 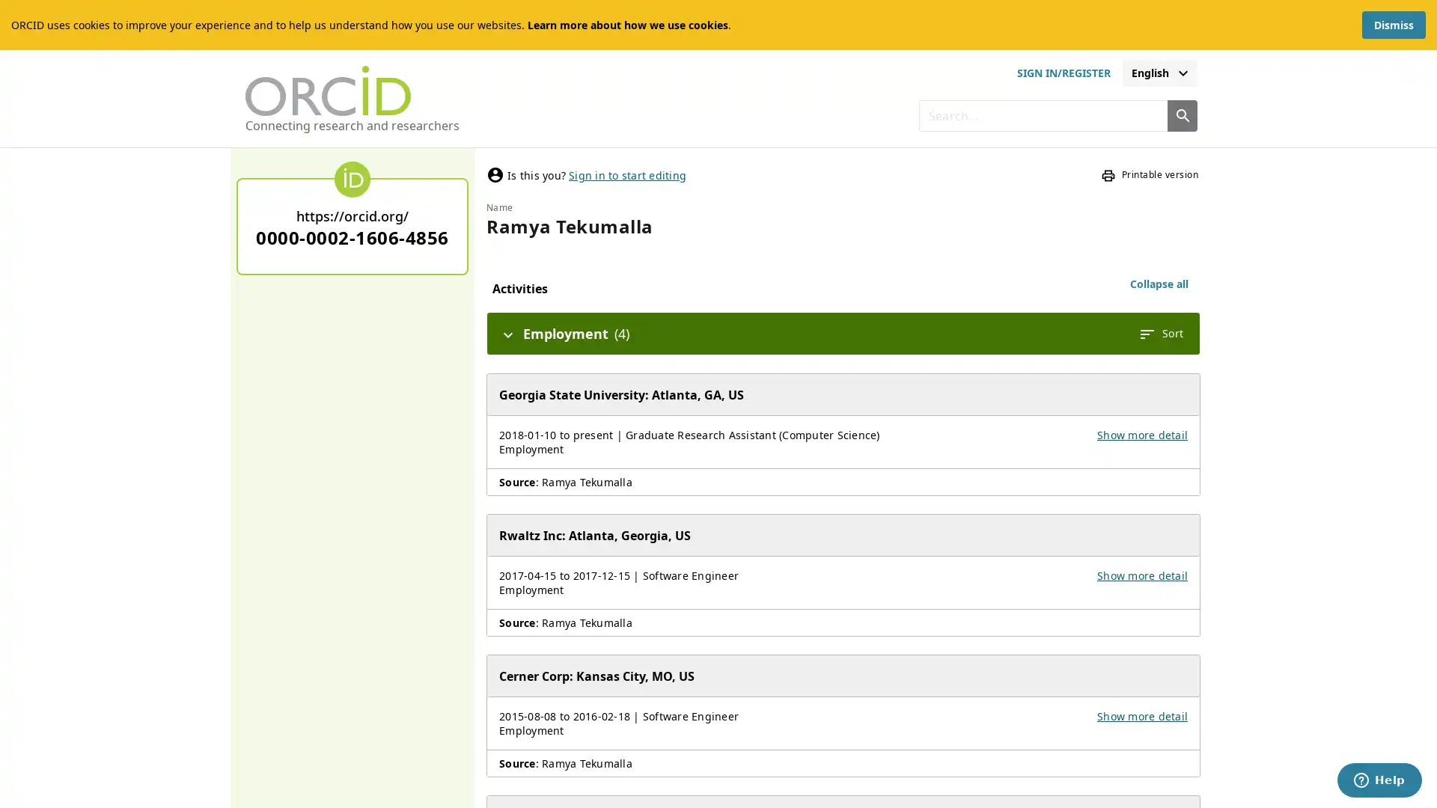 I want to click on Dismiss, so click(x=1393, y=25).